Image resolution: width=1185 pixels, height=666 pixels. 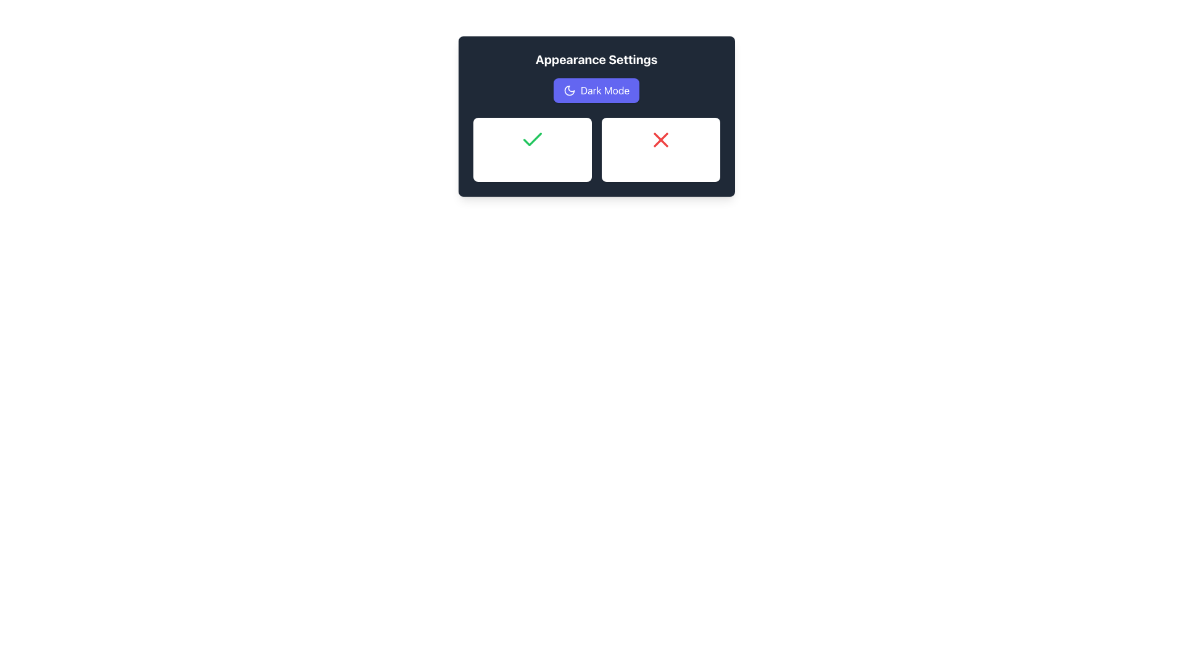 What do you see at coordinates (605, 89) in the screenshot?
I see `text of the descriptive label indicating the purpose of toggling the 'Dark Mode' feature, which is located within the button to the right of the moon icon` at bounding box center [605, 89].